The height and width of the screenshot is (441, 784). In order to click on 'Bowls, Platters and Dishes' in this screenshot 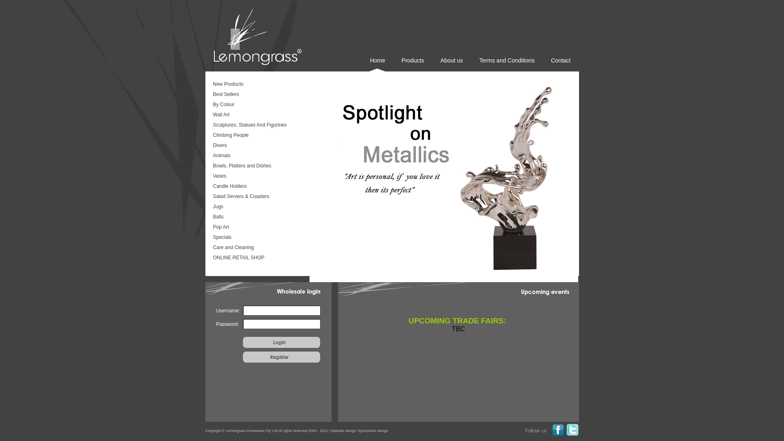, I will do `click(256, 166)`.